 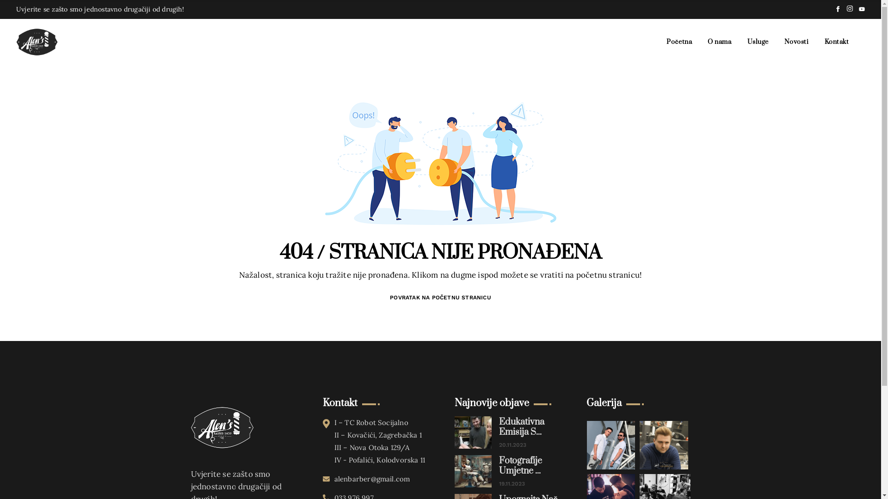 I want to click on 'Novosti', so click(x=796, y=42).